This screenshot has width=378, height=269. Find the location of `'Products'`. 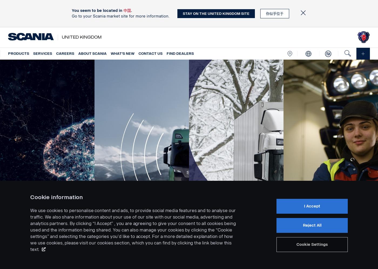

'Products' is located at coordinates (8, 53).